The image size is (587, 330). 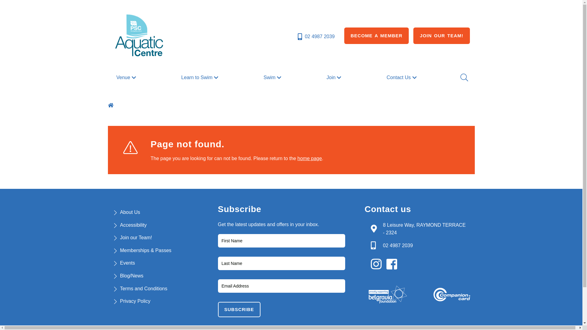 What do you see at coordinates (143, 288) in the screenshot?
I see `'Terms and Conditions'` at bounding box center [143, 288].